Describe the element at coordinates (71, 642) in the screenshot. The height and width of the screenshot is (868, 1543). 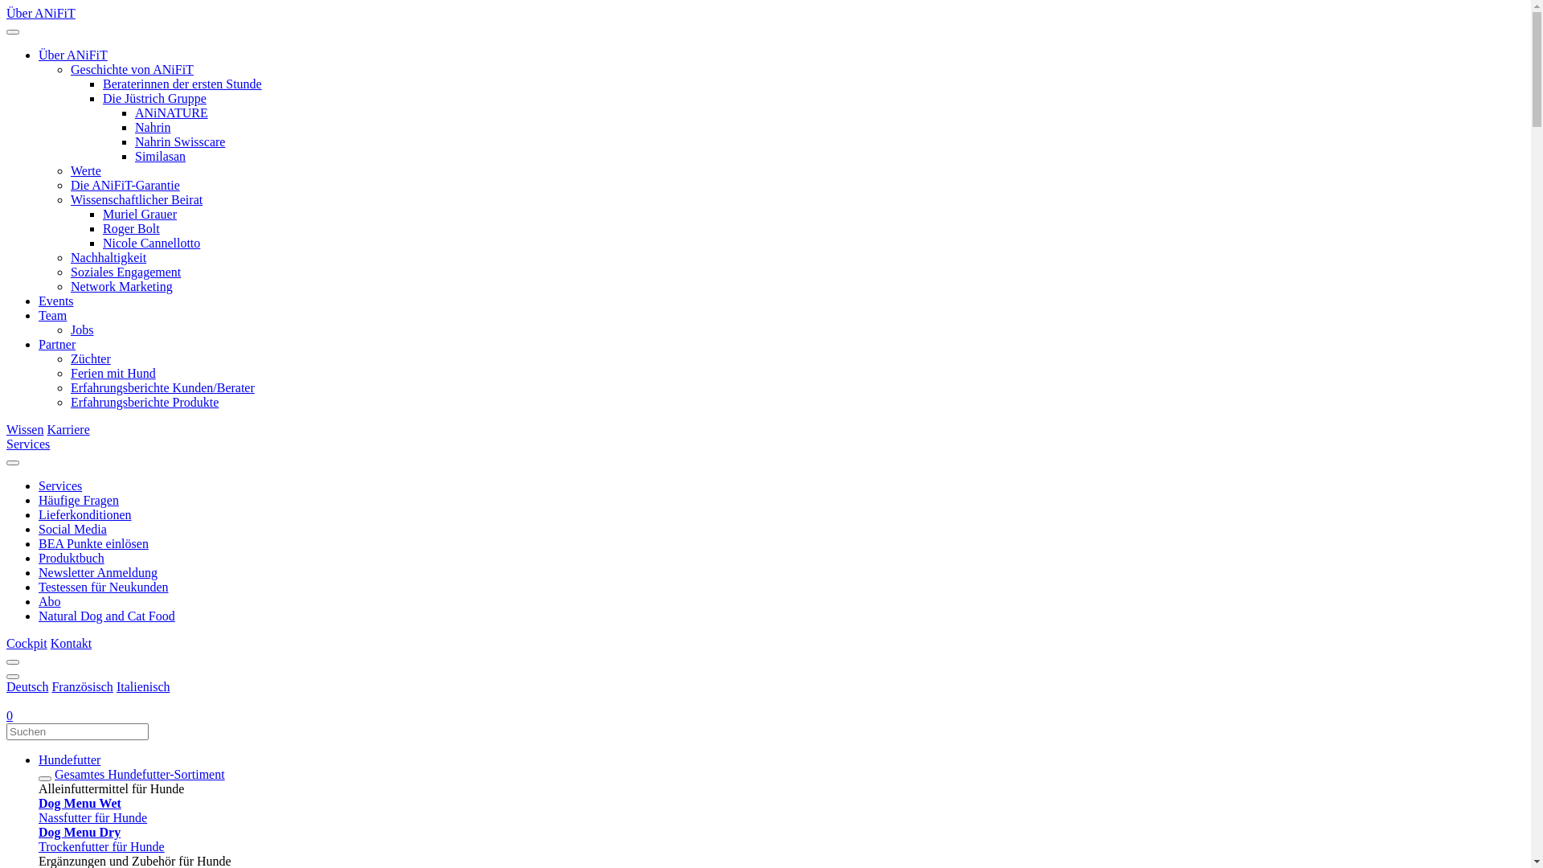
I see `'Kontakt'` at that location.